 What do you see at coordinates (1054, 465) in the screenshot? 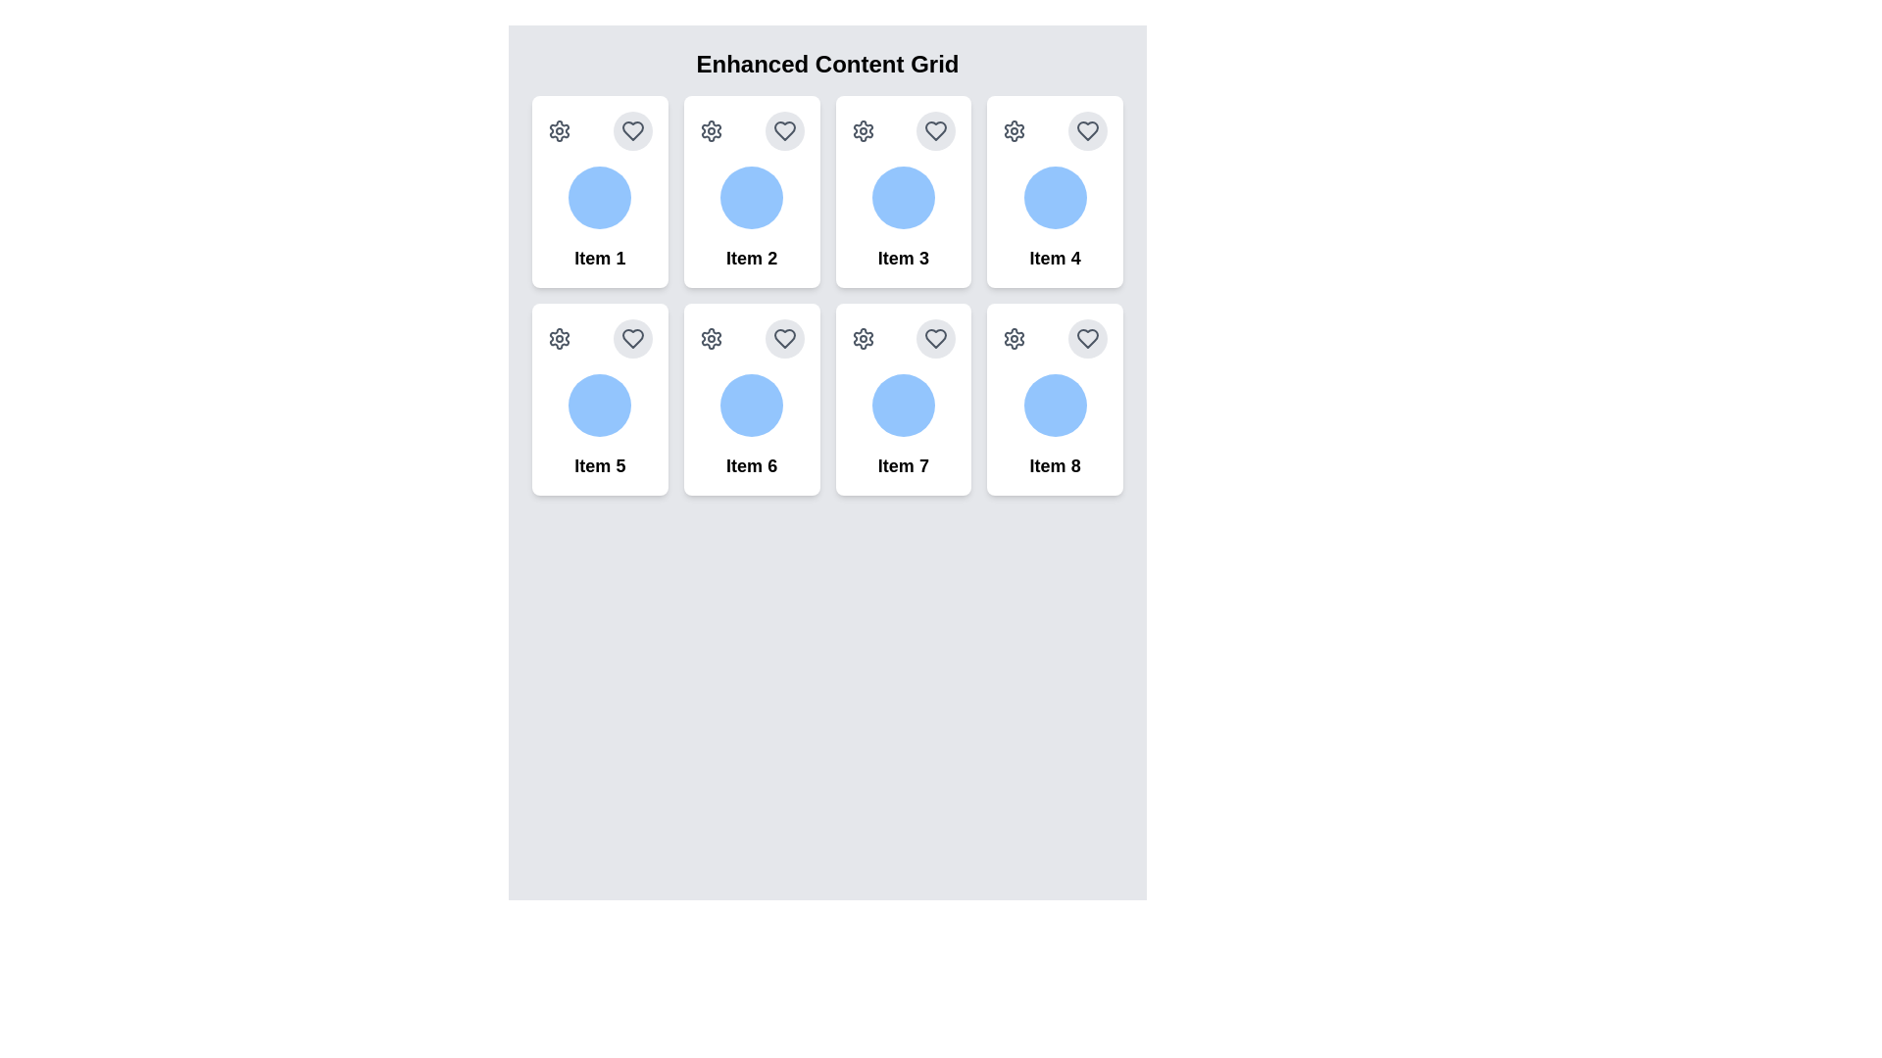
I see `the 'Item 8' text label located at the bottom of the fourth card in the second row of the grid layout` at bounding box center [1054, 465].